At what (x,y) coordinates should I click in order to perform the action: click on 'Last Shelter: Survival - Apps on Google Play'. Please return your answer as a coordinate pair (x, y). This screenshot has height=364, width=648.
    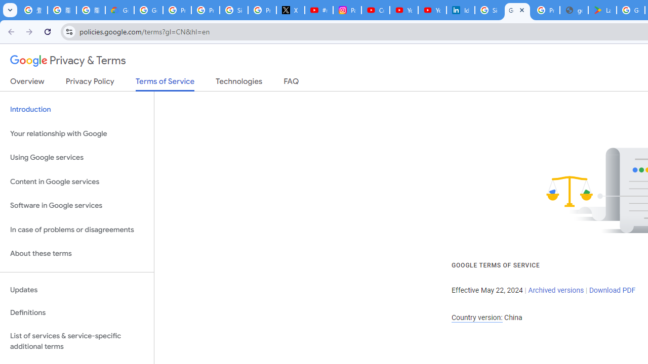
    Looking at the image, I should click on (602, 10).